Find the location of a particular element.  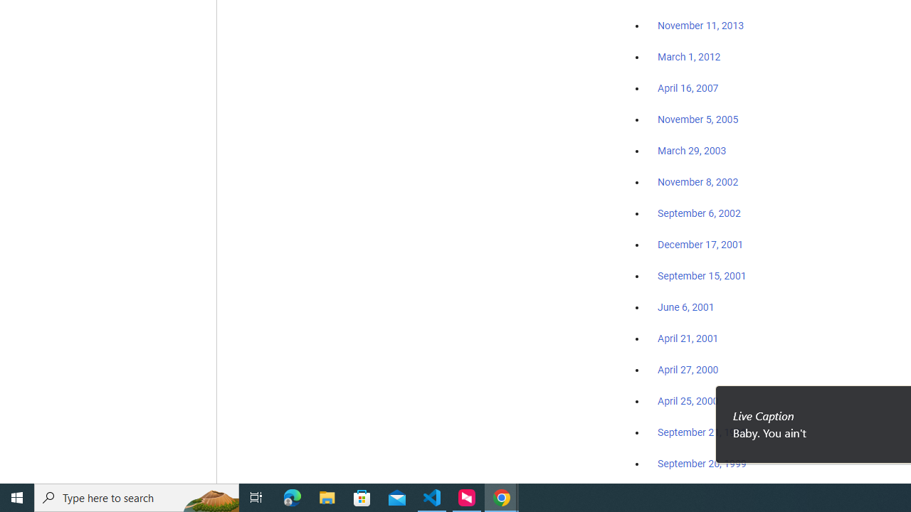

'April 25, 2000' is located at coordinates (688, 401).